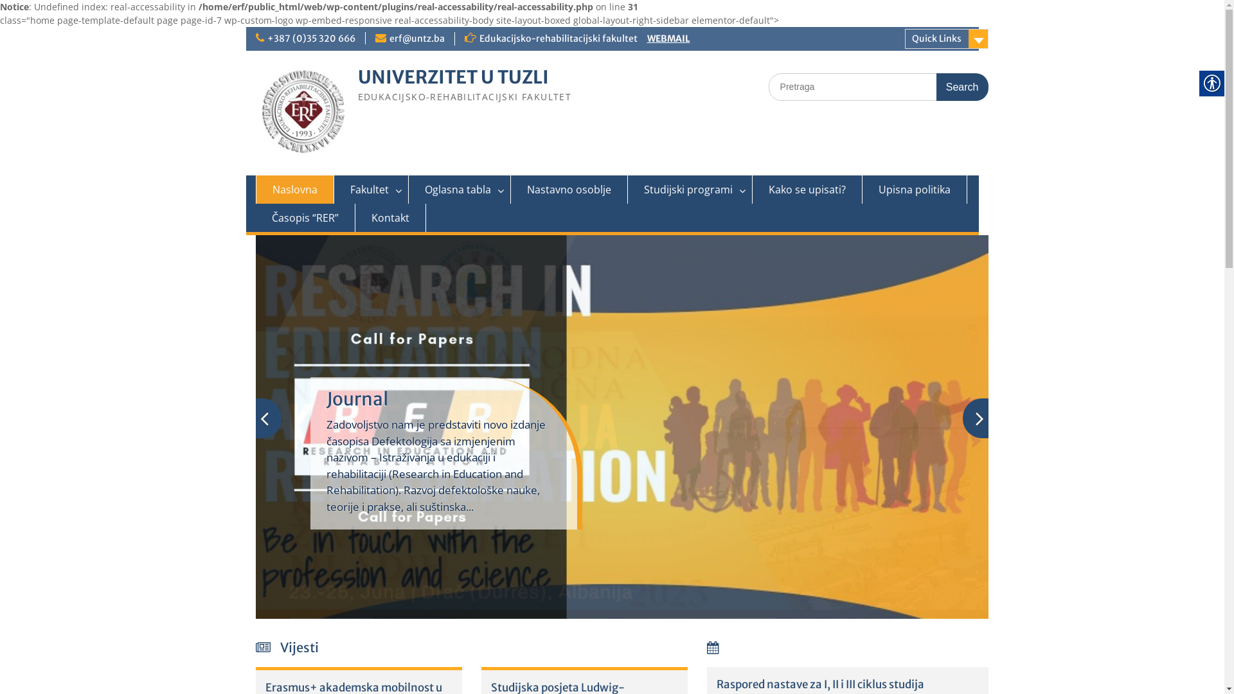  What do you see at coordinates (863, 189) in the screenshot?
I see `'Upisna politika'` at bounding box center [863, 189].